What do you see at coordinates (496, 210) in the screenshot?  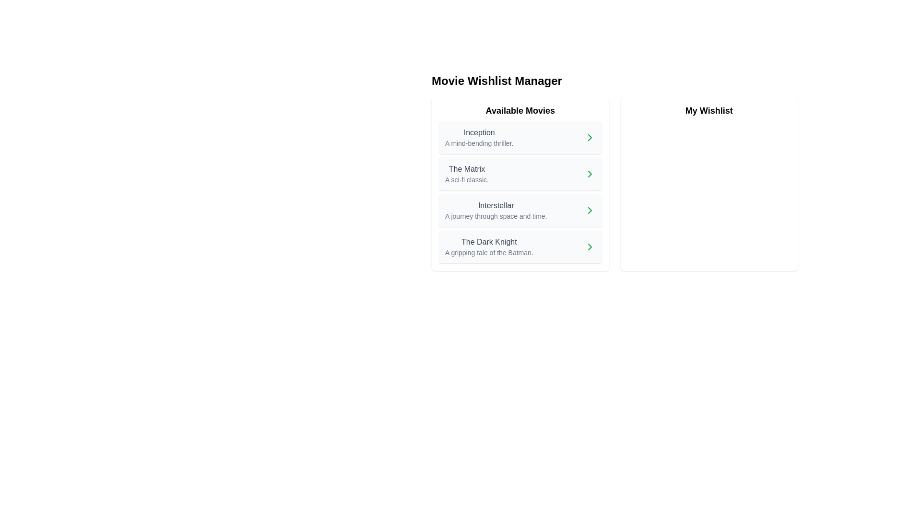 I see `text of the Text label with dual sections titled 'Interstellar', which includes the subtitle 'A journey through space and time.'` at bounding box center [496, 210].